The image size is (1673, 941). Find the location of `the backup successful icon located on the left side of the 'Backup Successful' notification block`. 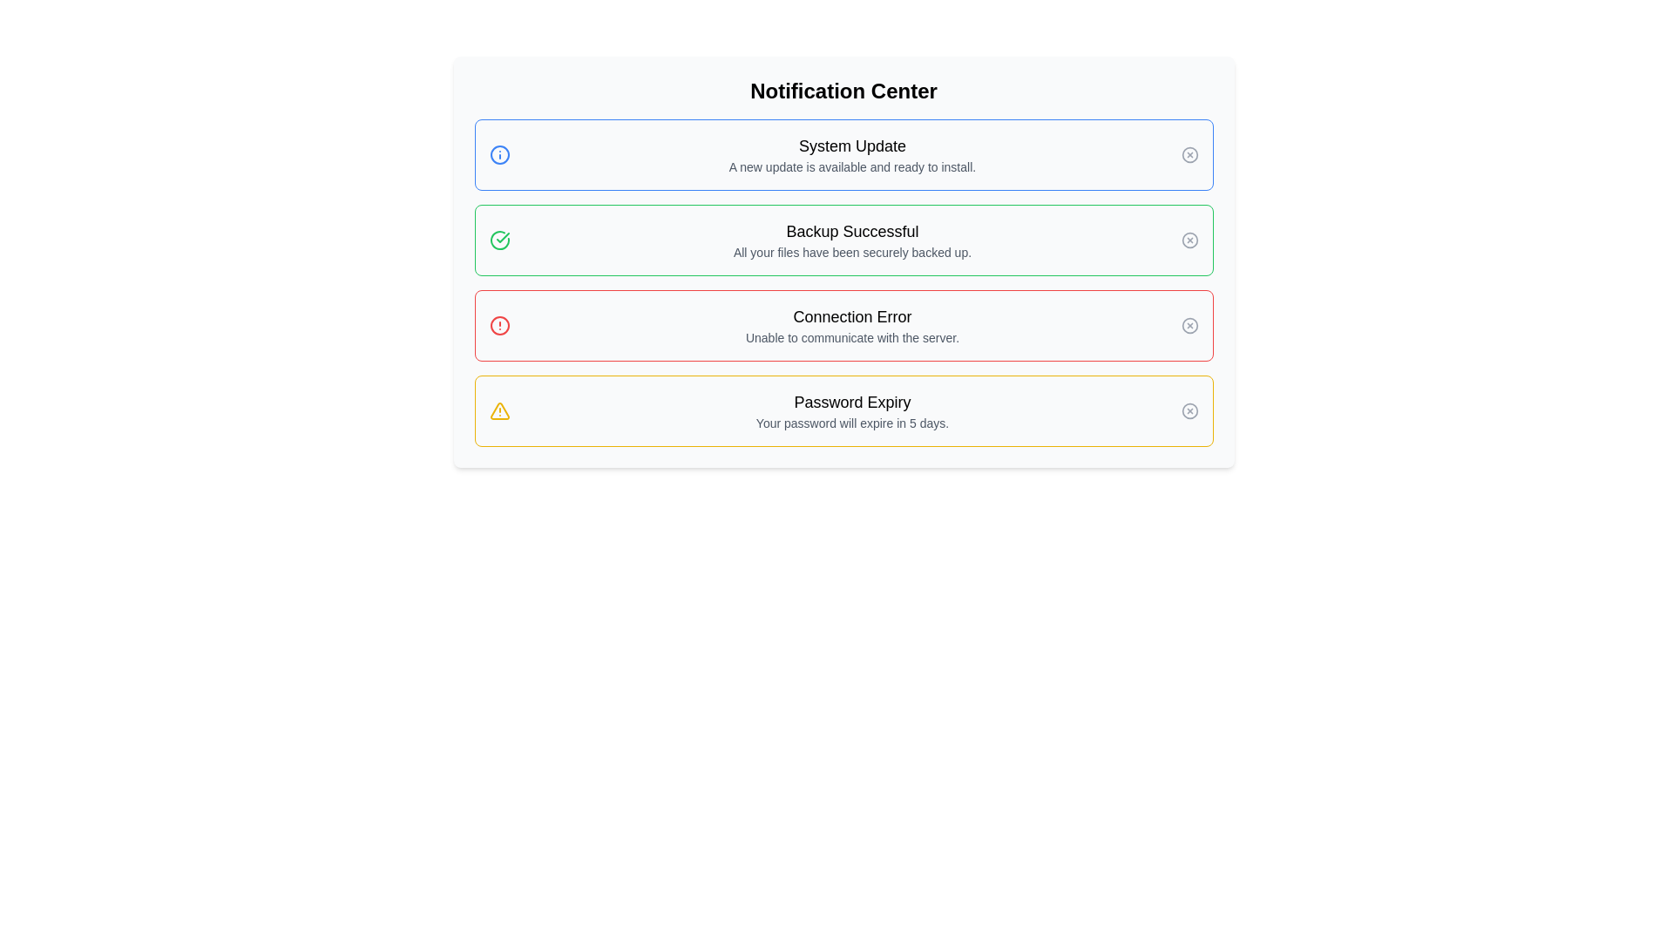

the backup successful icon located on the left side of the 'Backup Successful' notification block is located at coordinates (498, 240).